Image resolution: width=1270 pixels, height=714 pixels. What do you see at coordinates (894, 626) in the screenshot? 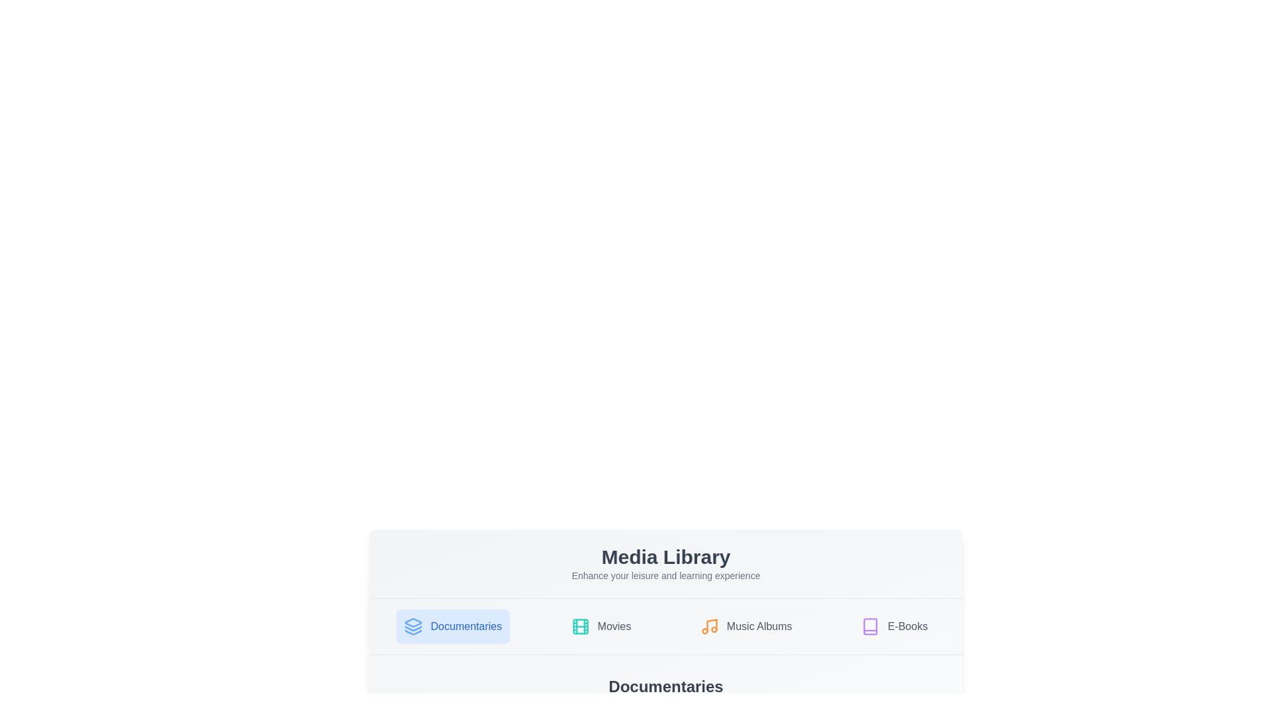
I see `the tab labeled E-Books` at bounding box center [894, 626].